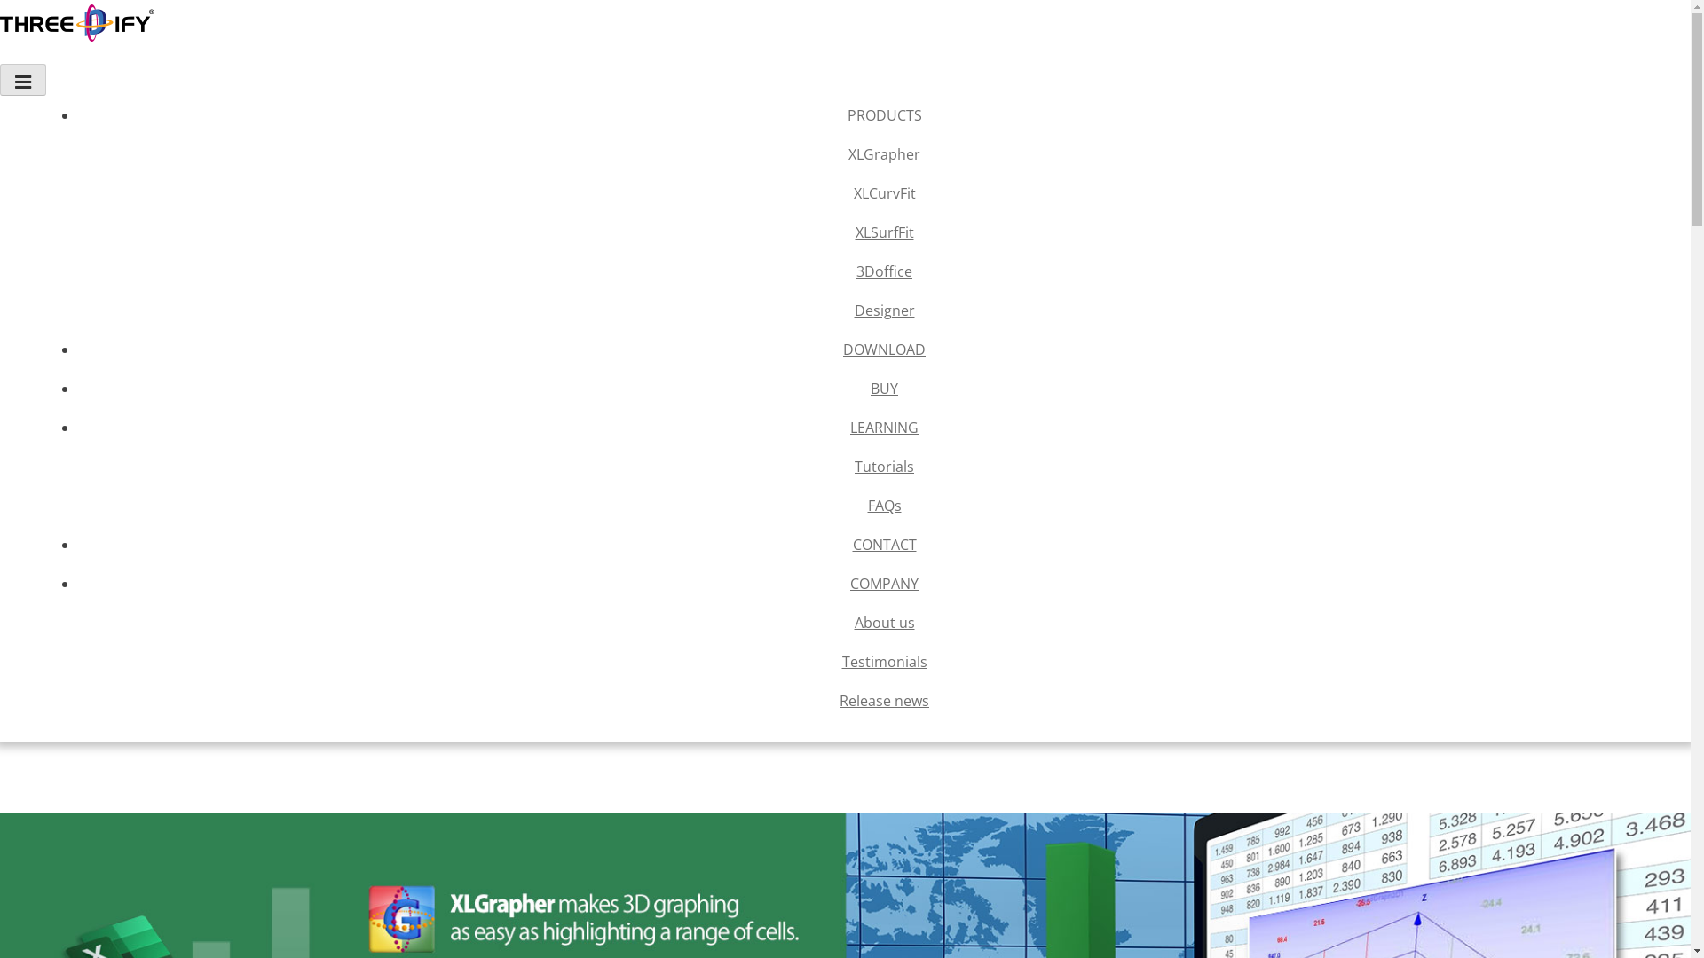 This screenshot has width=1704, height=958. Describe the element at coordinates (81, 543) in the screenshot. I see `'CONTACT'` at that location.